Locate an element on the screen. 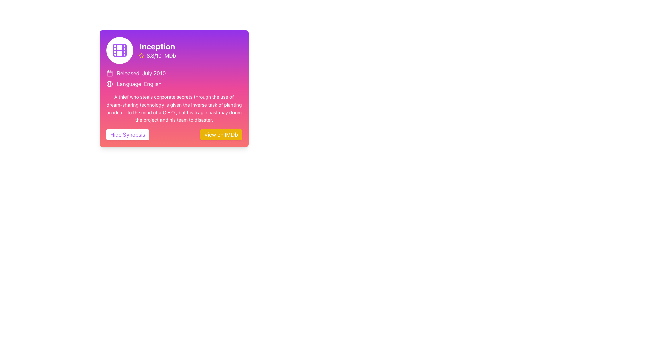  the button located at the bottom-left of the card component to hide the displayed synopsis text is located at coordinates (128, 135).